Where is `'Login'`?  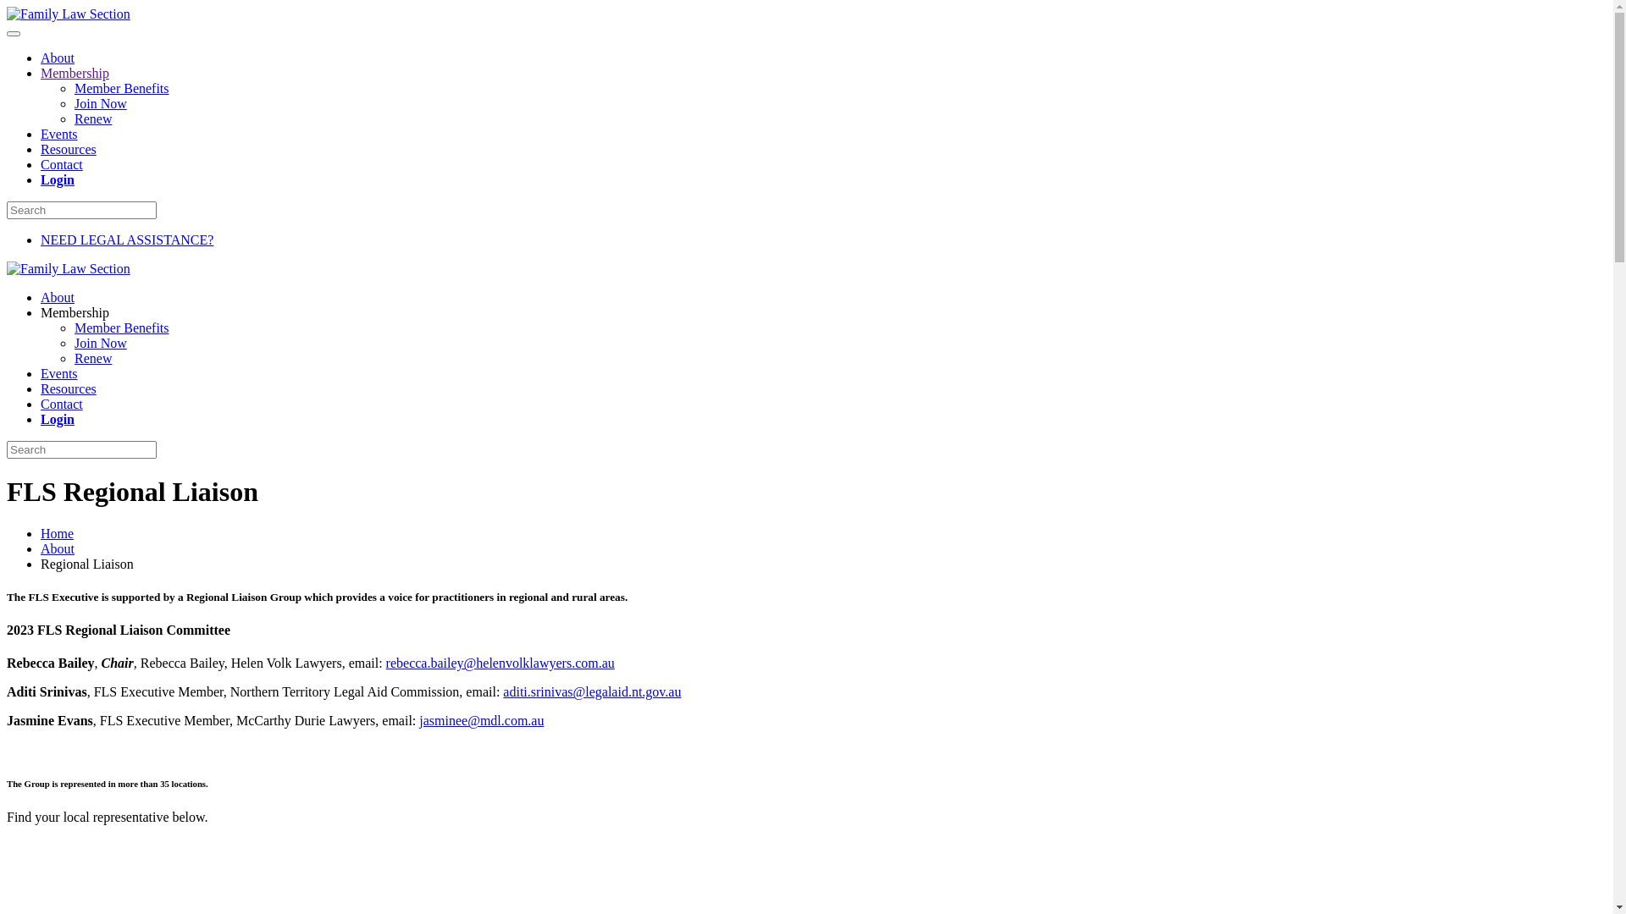
'Login' is located at coordinates (57, 179).